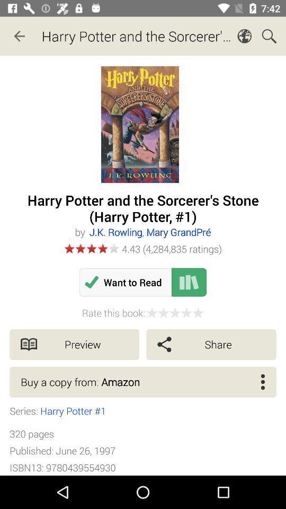 This screenshot has width=286, height=509. What do you see at coordinates (189, 282) in the screenshot?
I see `read the article` at bounding box center [189, 282].